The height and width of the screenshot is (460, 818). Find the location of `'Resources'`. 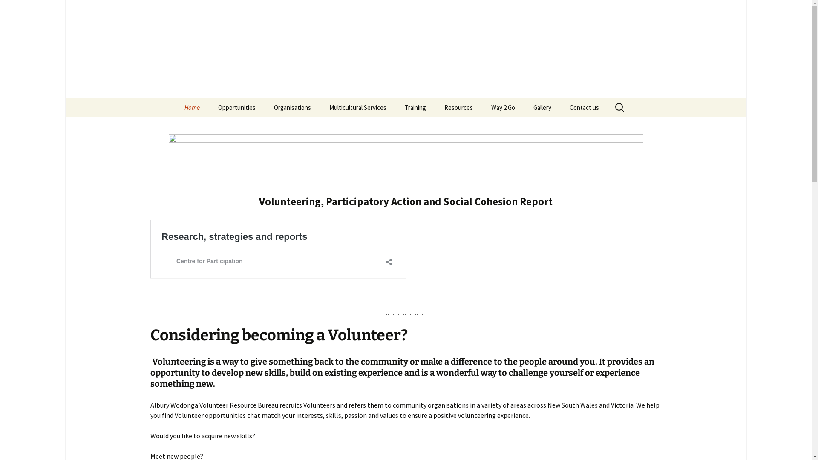

'Resources' is located at coordinates (458, 107).